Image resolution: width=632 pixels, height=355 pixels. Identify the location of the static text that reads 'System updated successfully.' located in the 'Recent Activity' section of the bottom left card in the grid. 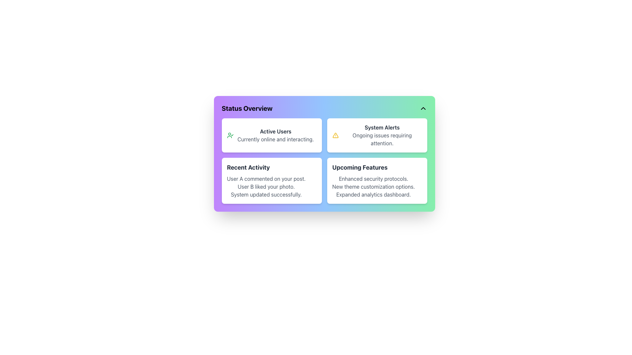
(266, 194).